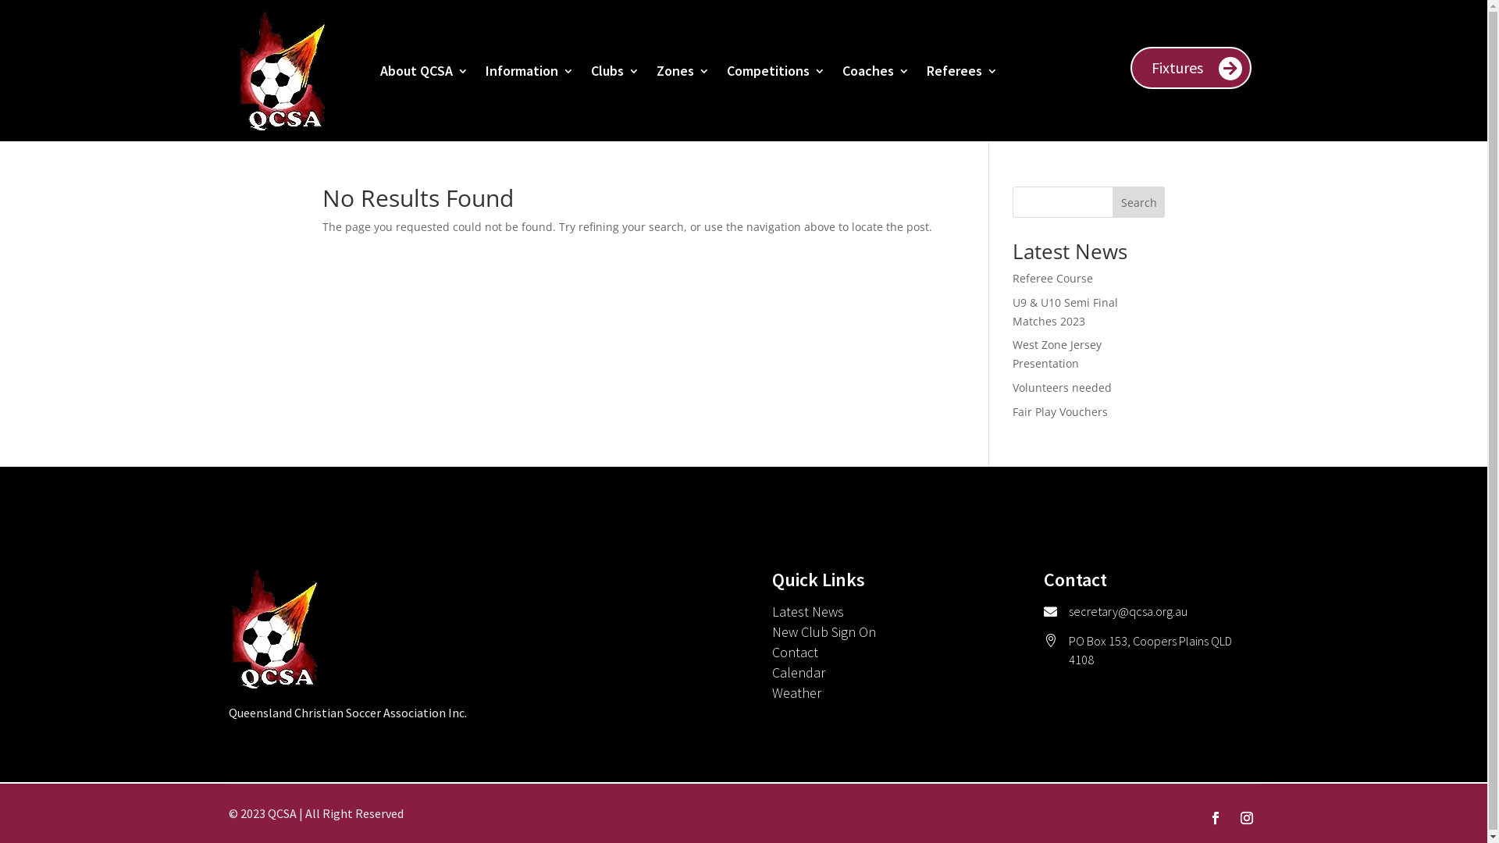 The width and height of the screenshot is (1499, 843). I want to click on 'Referee Course', so click(1052, 277).